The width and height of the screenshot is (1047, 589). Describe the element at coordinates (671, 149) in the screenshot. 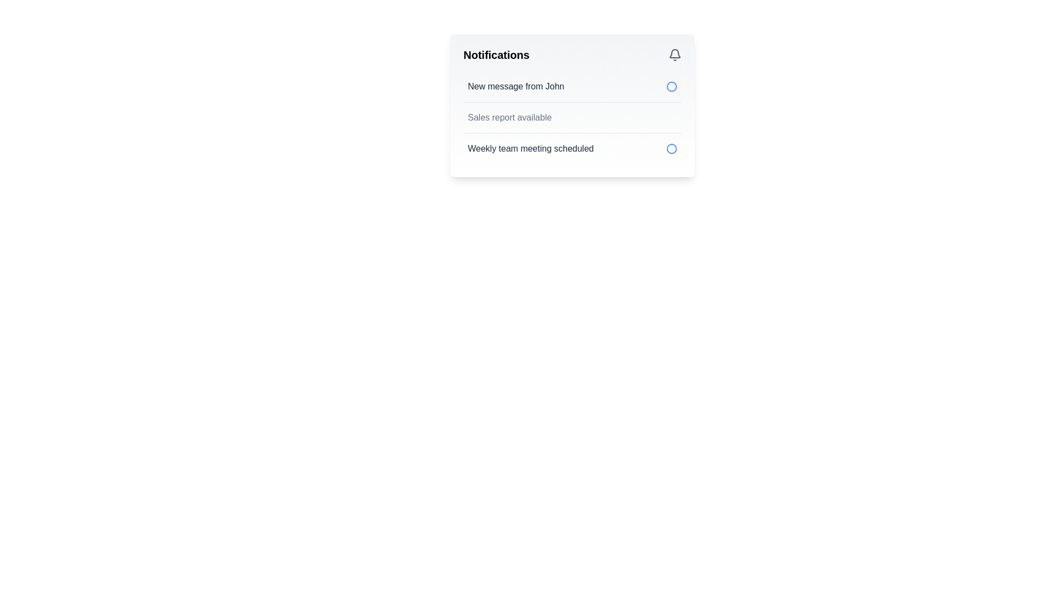

I see `the circular button on the right side of the third notification item that contains the text 'Weekly team meeting scheduled'` at that location.